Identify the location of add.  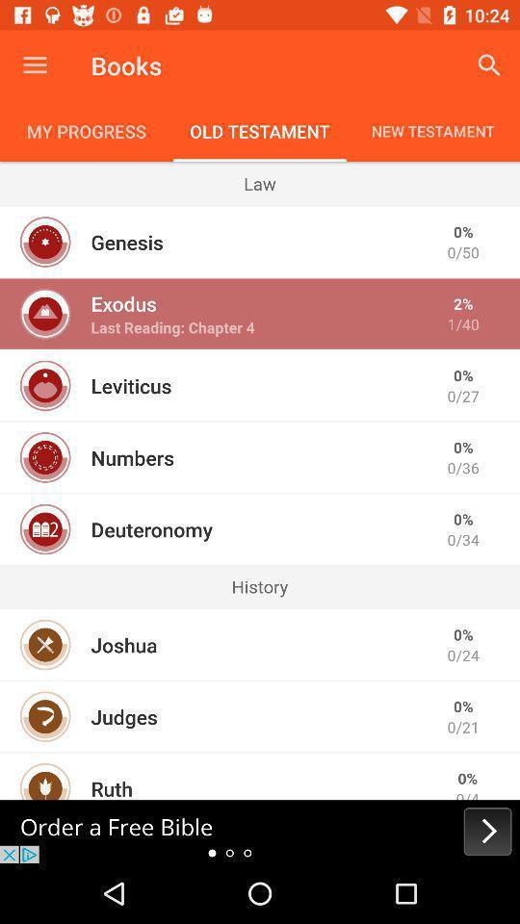
(260, 831).